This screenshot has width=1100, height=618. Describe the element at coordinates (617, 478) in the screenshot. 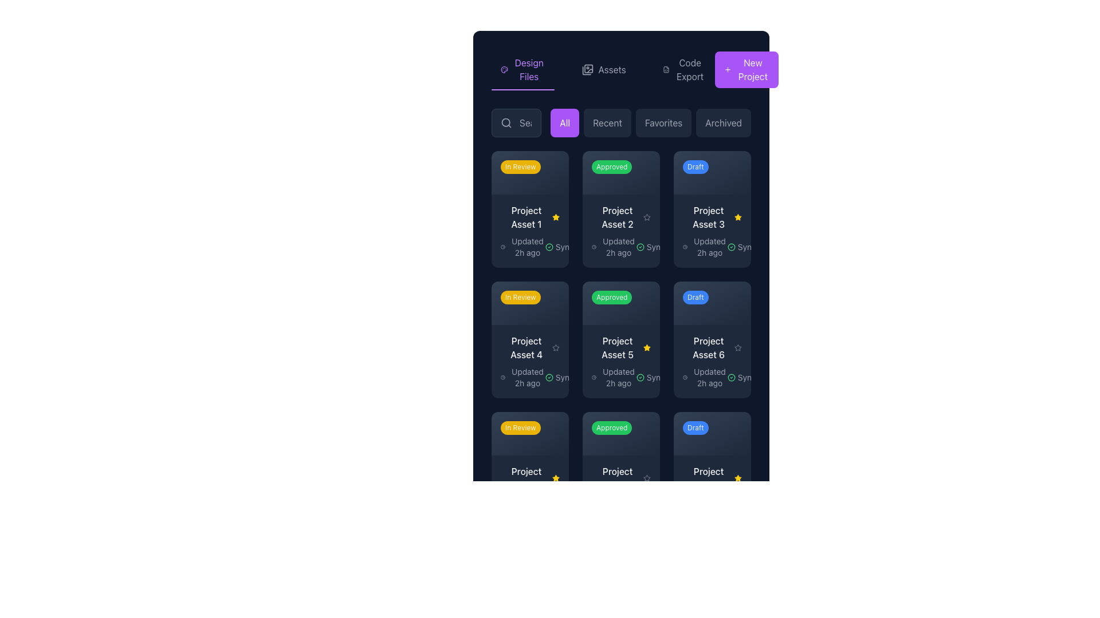

I see `the text label displaying 'Project Asset 8' located in the lower center of a grid of cards, positioned under 'Project Asset 6'` at that location.